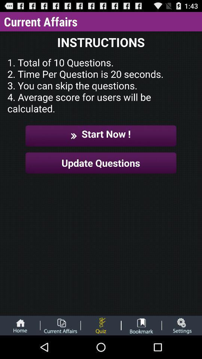 The width and height of the screenshot is (202, 359). Describe the element at coordinates (141, 325) in the screenshot. I see `mark note the instructions as bookmark` at that location.